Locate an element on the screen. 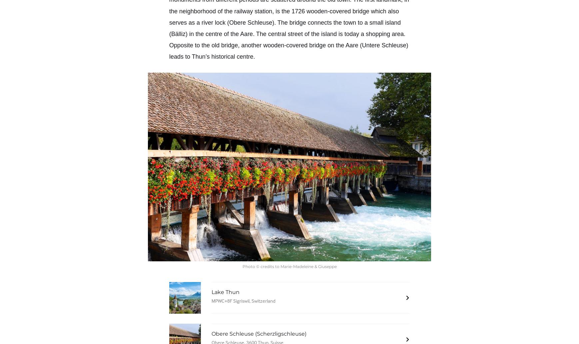  '1726 wooden-covered bridge which also serves as a river lock' is located at coordinates (284, 16).